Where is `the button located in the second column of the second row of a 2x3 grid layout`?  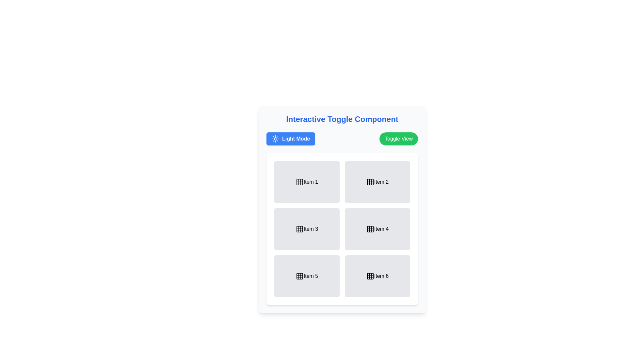 the button located in the second column of the second row of a 2x3 grid layout is located at coordinates (378, 229).